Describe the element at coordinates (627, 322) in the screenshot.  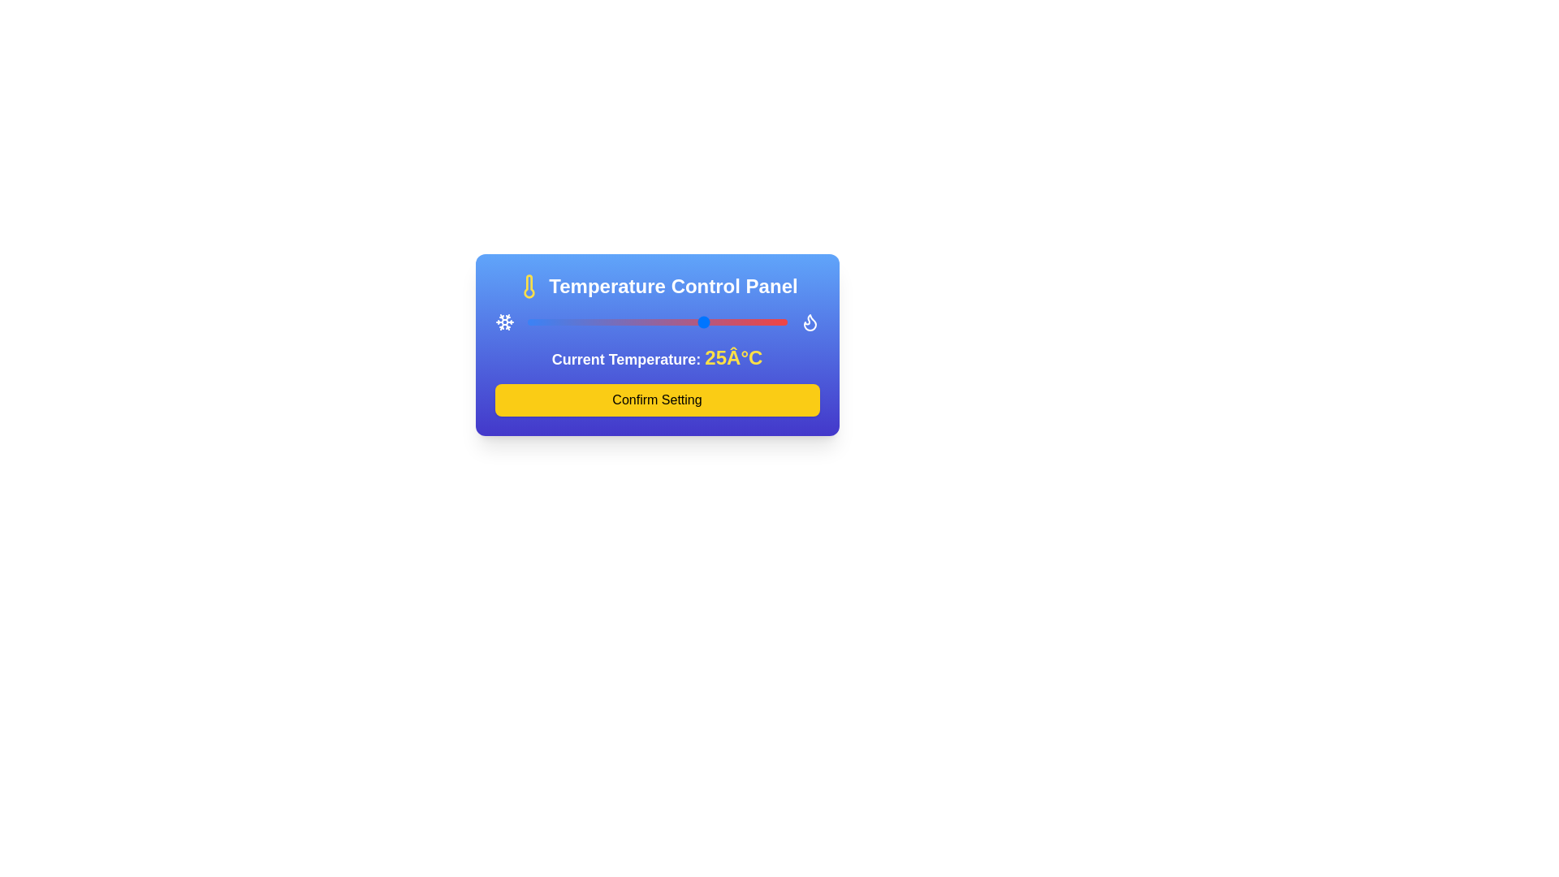
I see `the temperature slider to 1°C` at that location.